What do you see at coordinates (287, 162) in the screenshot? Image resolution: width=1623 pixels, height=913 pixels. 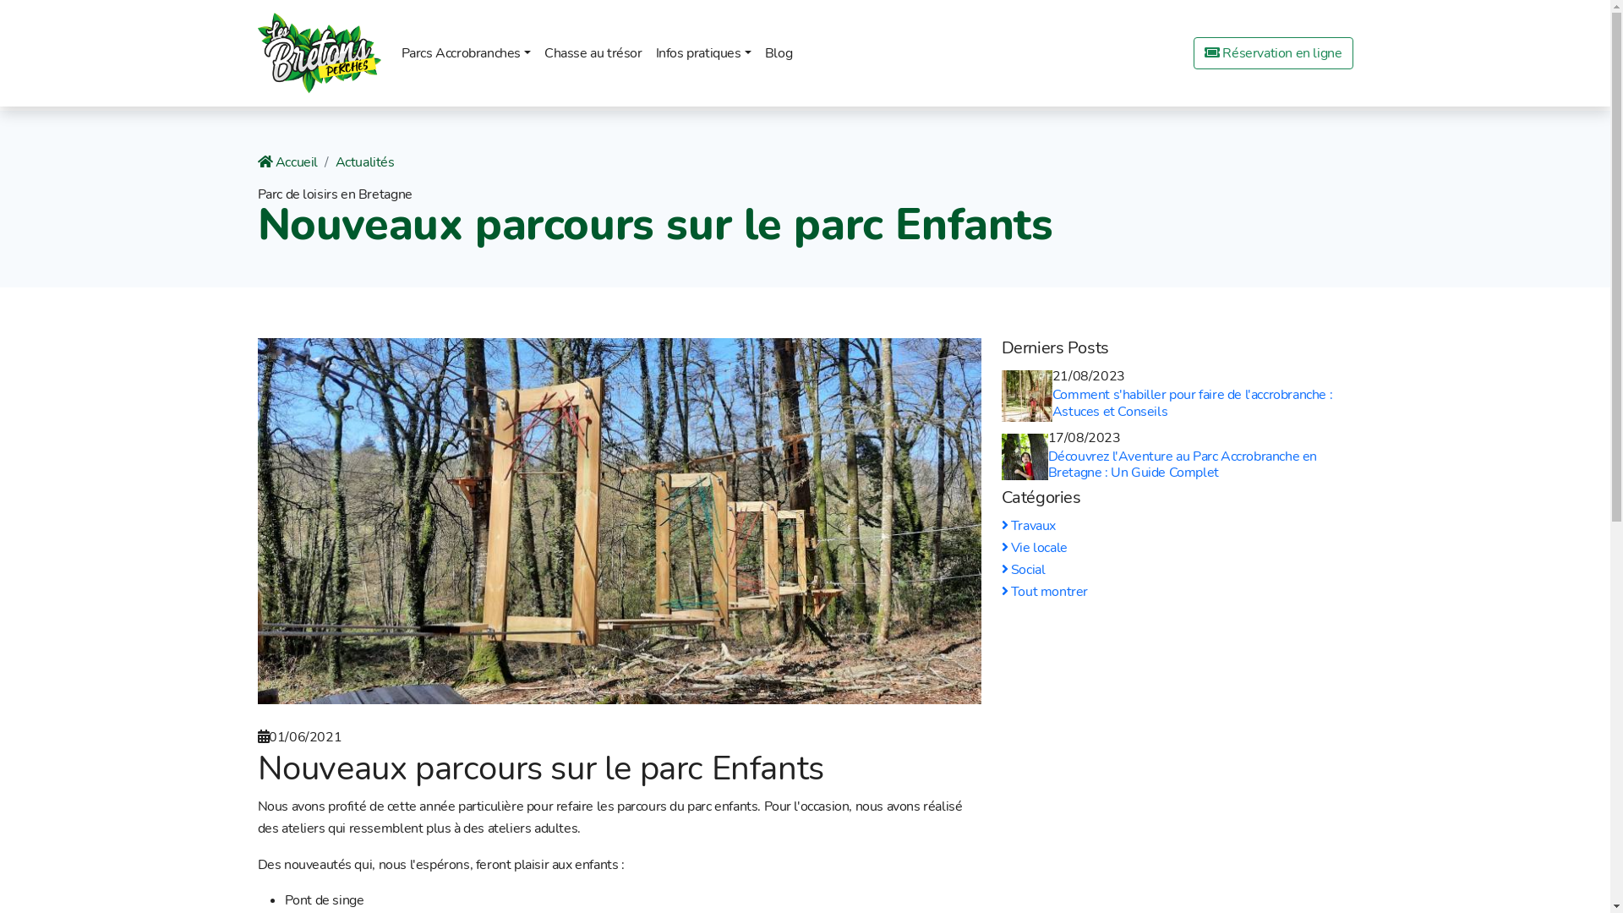 I see `'Accueil'` at bounding box center [287, 162].